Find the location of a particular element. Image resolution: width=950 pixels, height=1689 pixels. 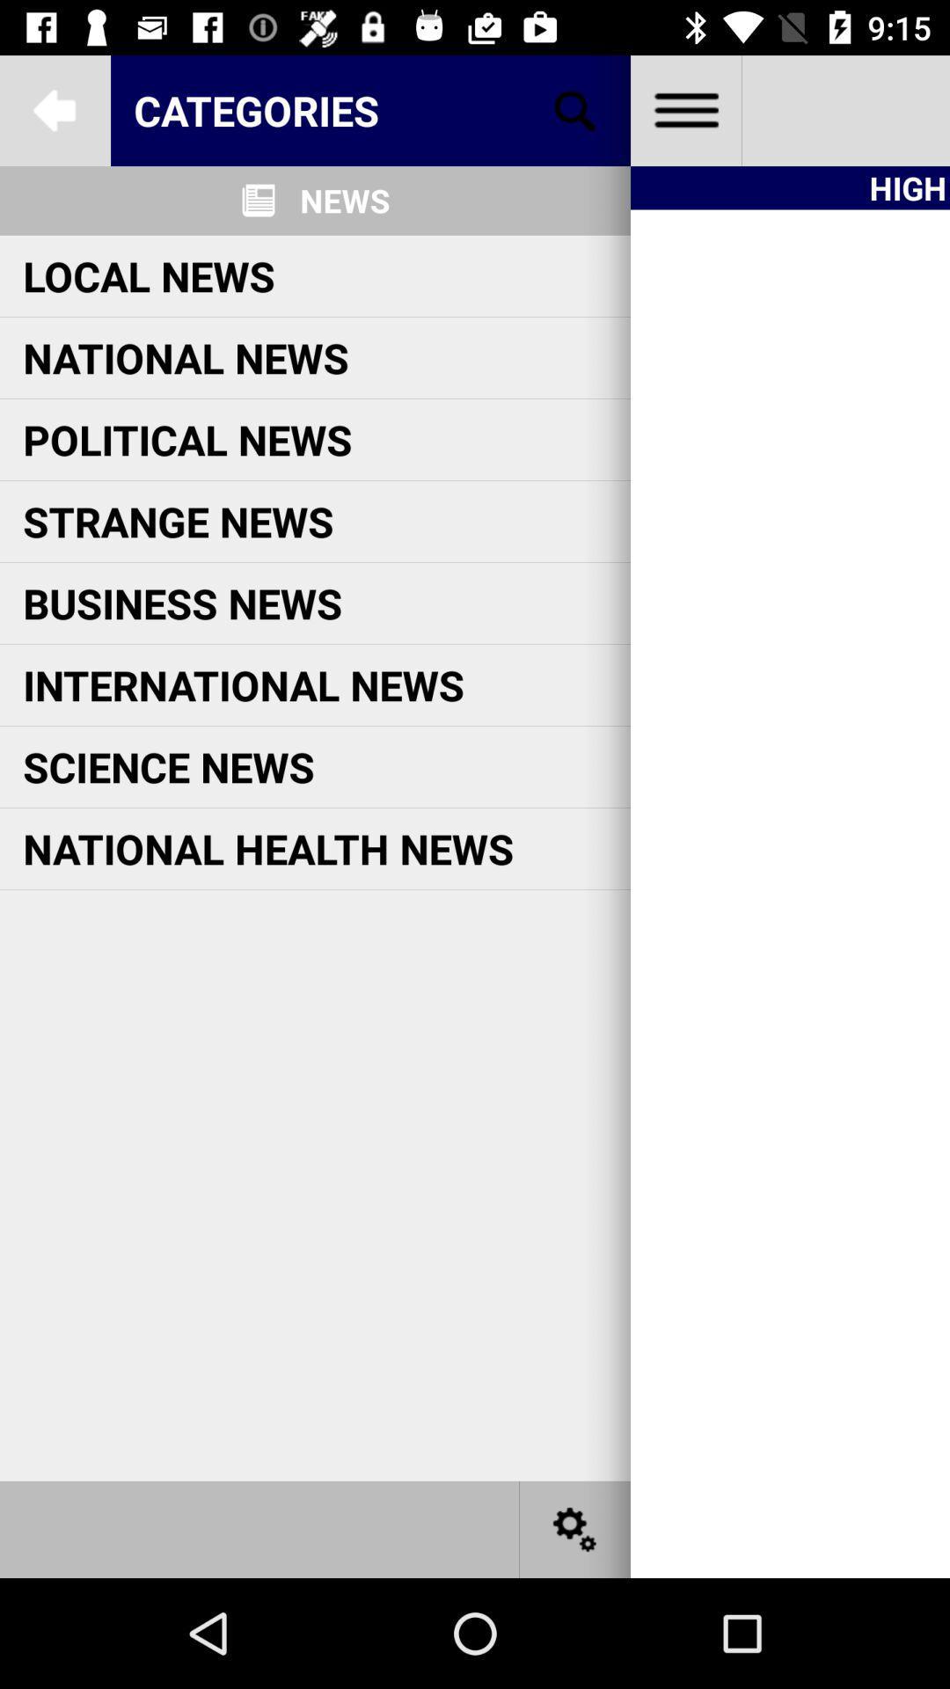

settings is located at coordinates (575, 1528).